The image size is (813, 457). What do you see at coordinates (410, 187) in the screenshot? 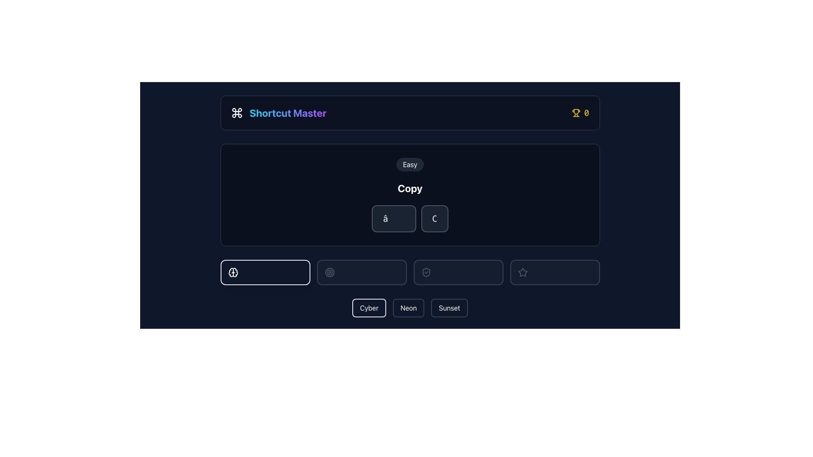
I see `the text label that denotes the functionality or context related to copying, positioned below two elements styled as 'Easy' and above a group containing '⌘ C'` at bounding box center [410, 187].